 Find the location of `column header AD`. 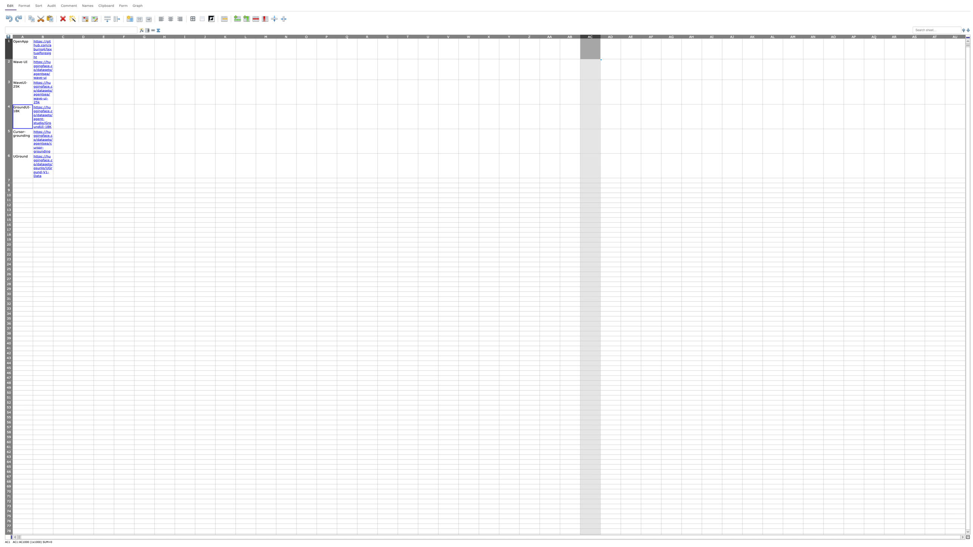

column header AD is located at coordinates (610, 36).